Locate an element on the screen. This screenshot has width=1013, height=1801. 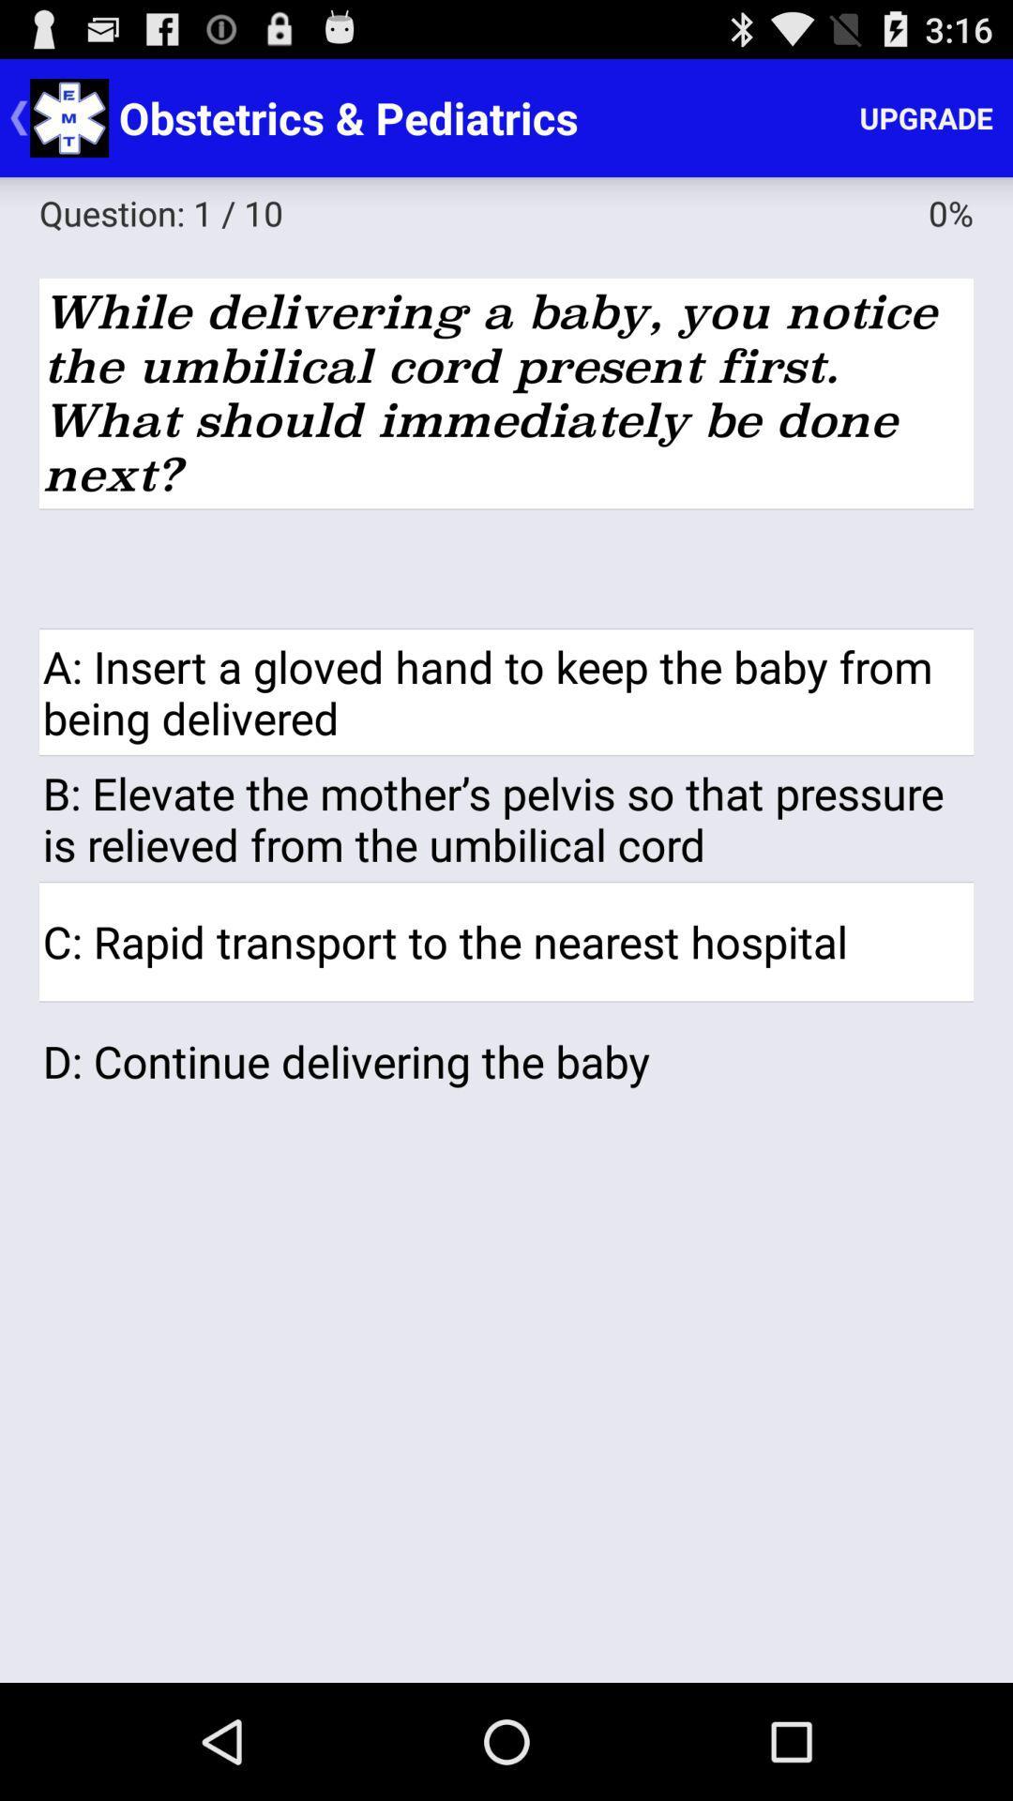
the icon below the question: 1 / 10 icon is located at coordinates (506, 392).